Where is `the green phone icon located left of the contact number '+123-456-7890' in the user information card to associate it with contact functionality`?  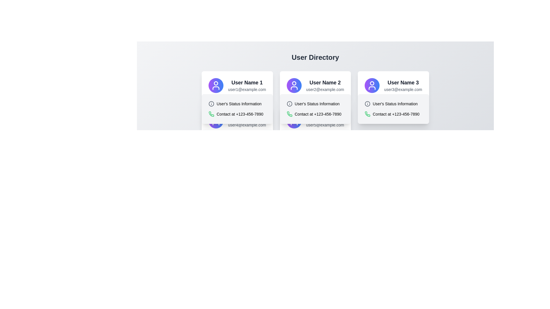
the green phone icon located left of the contact number '+123-456-7890' in the user information card to associate it with contact functionality is located at coordinates (289, 114).